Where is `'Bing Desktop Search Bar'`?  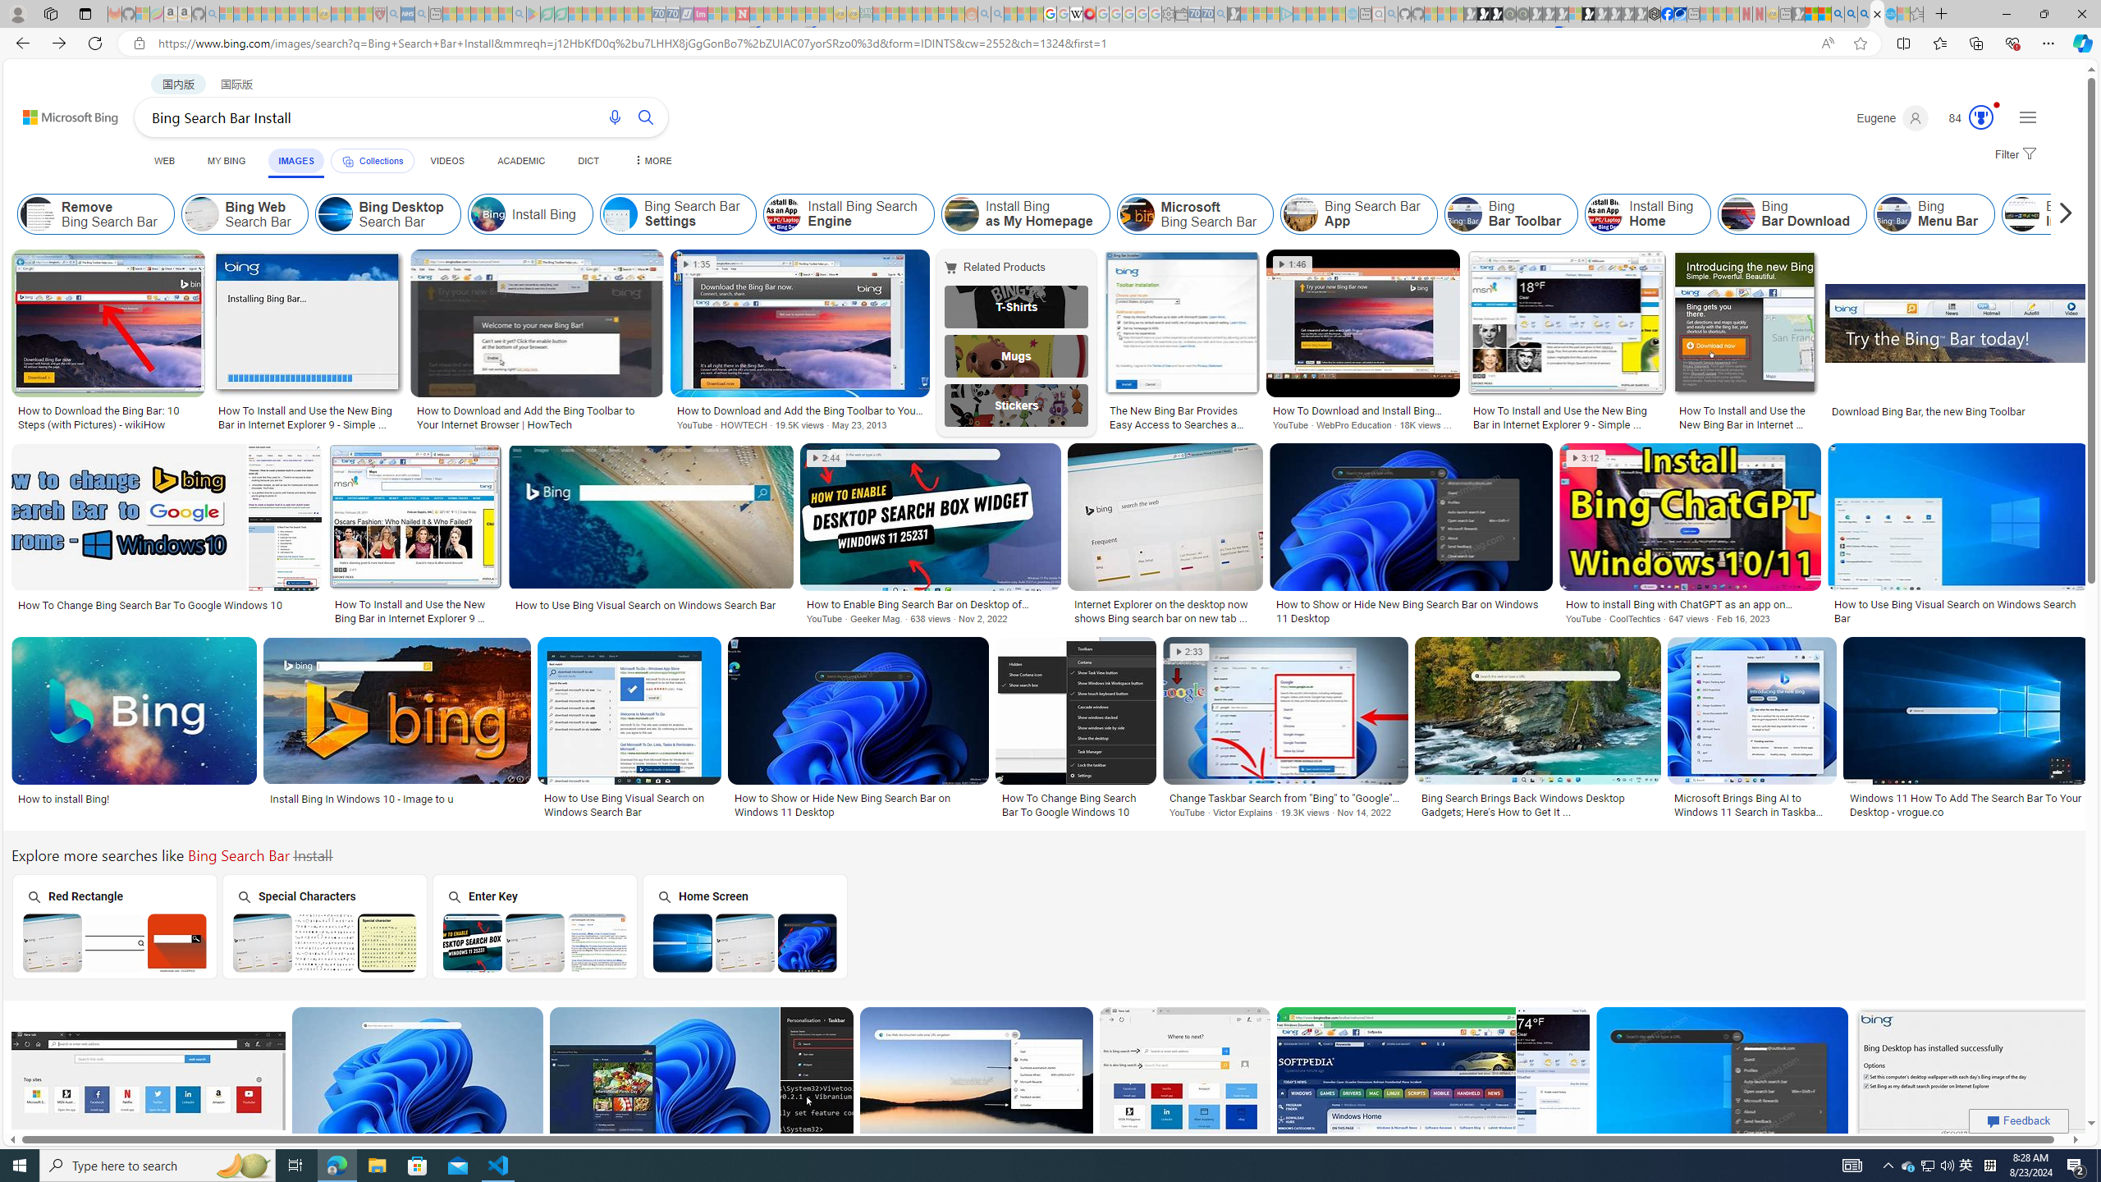 'Bing Desktop Search Bar' is located at coordinates (387, 213).